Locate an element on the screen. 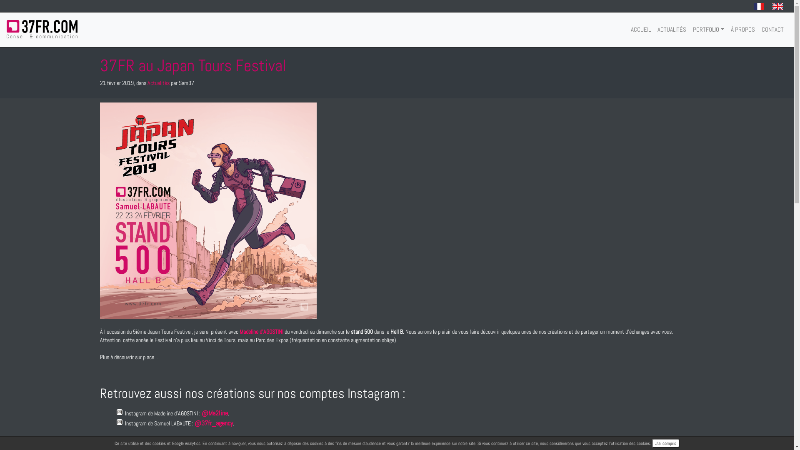 This screenshot has width=800, height=450. 'Samuel LABAUTE - 37FR.COM Conseil & communication' is located at coordinates (41, 28).